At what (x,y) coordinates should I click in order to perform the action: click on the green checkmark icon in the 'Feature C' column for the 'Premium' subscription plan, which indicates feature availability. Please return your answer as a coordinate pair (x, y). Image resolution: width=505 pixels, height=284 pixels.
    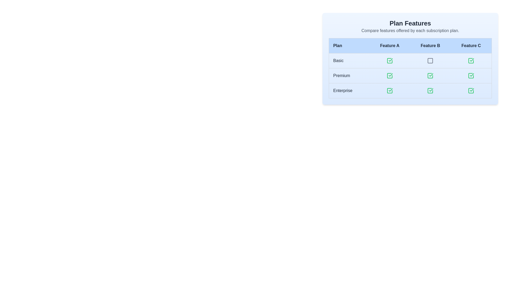
    Looking at the image, I should click on (472, 75).